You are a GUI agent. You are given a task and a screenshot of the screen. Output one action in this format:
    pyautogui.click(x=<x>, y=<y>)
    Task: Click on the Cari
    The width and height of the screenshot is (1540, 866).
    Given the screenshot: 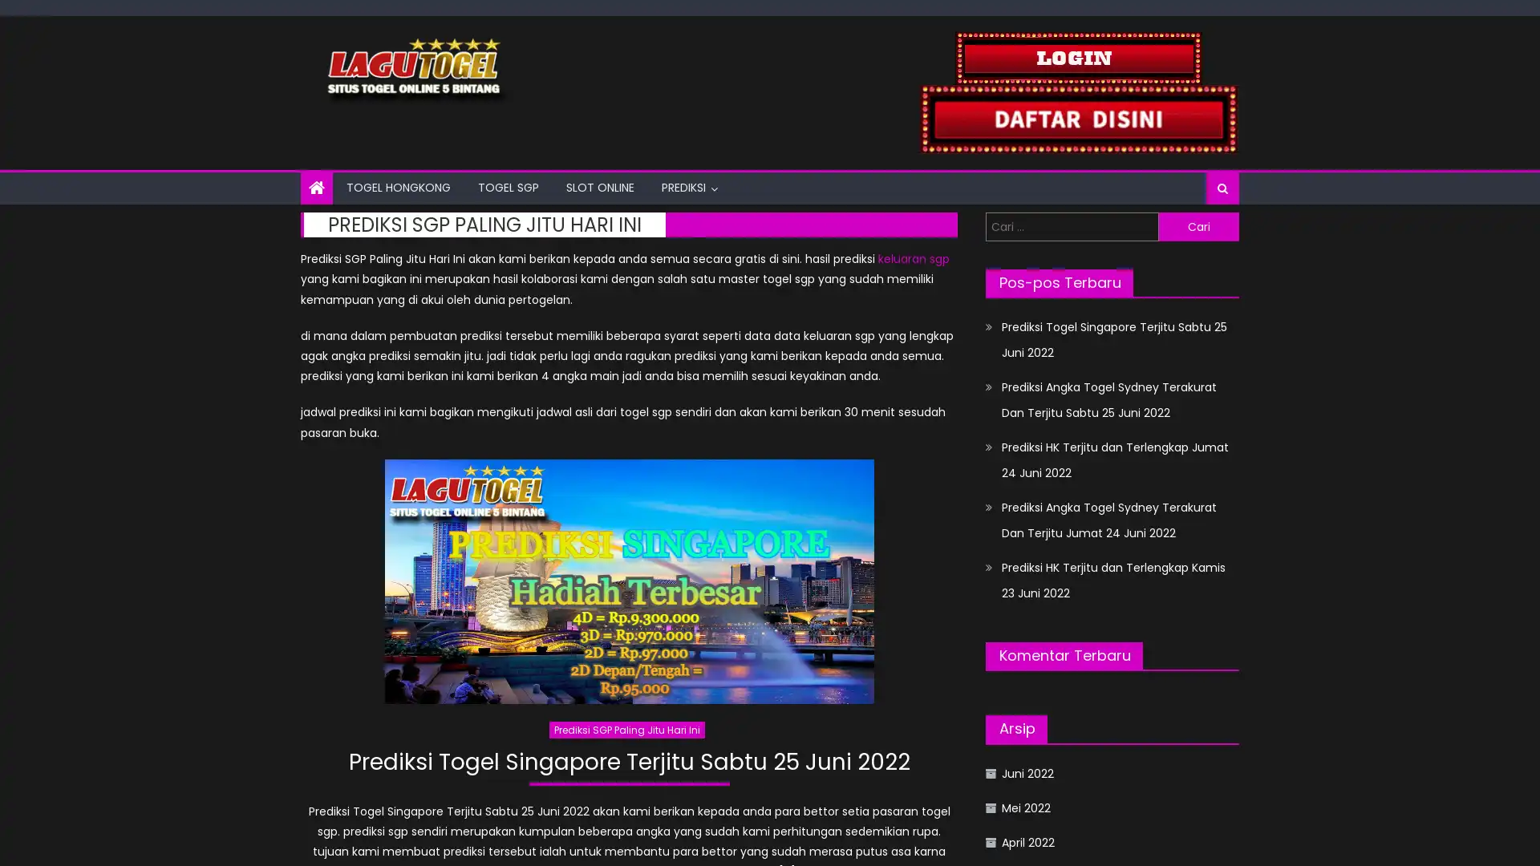 What is the action you would take?
    pyautogui.click(x=1198, y=226)
    